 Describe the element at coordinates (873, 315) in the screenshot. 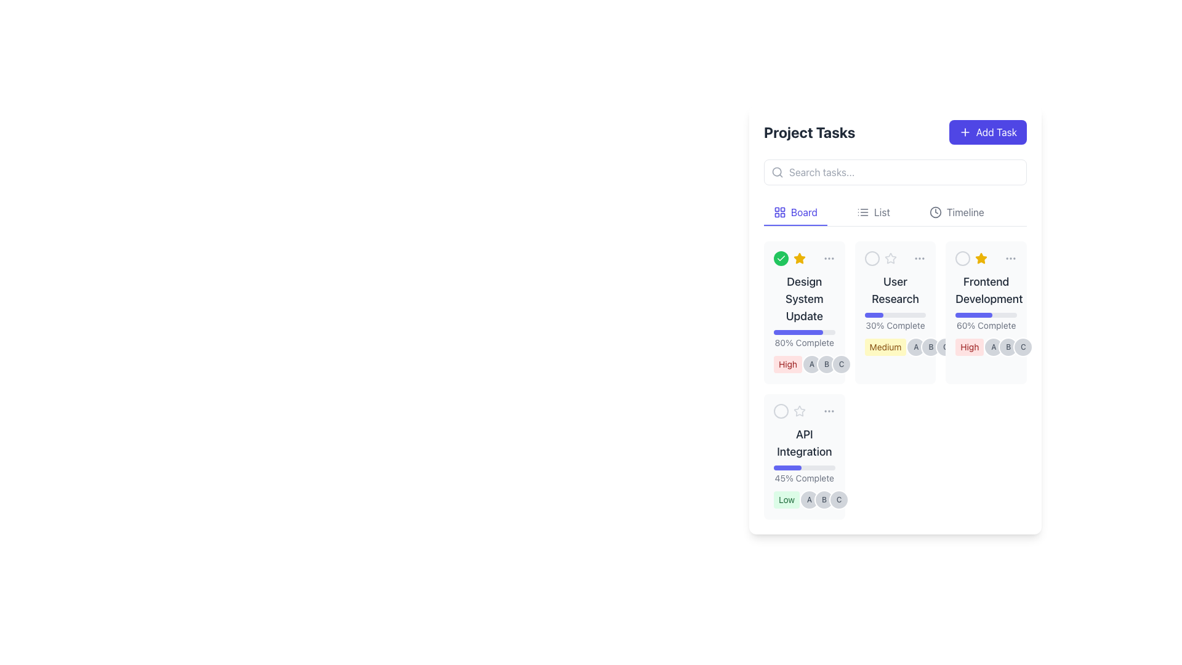

I see `progress bar segment styled with a rounded appearance and filled with indigo color, located within the progress bar of the 'User Research' task card, for its style attributes` at that location.